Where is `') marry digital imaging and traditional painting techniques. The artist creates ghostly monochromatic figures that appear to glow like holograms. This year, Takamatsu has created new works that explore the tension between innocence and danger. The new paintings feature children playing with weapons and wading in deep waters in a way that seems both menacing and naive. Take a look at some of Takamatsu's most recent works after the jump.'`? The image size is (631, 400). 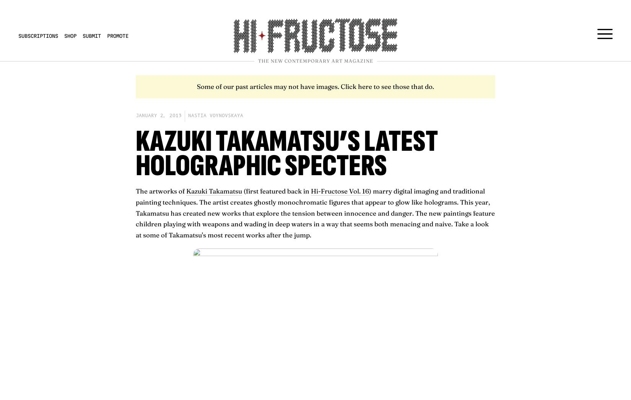
') marry digital imaging and traditional painting techniques. The artist creates ghostly monochromatic figures that appear to glow like holograms. This year, Takamatsu has created new works that explore the tension between innocence and danger. The new paintings feature children playing with weapons and wading in deep waters in a way that seems both menacing and naive. Take a look at some of Takamatsu's most recent works after the jump.' is located at coordinates (315, 212).